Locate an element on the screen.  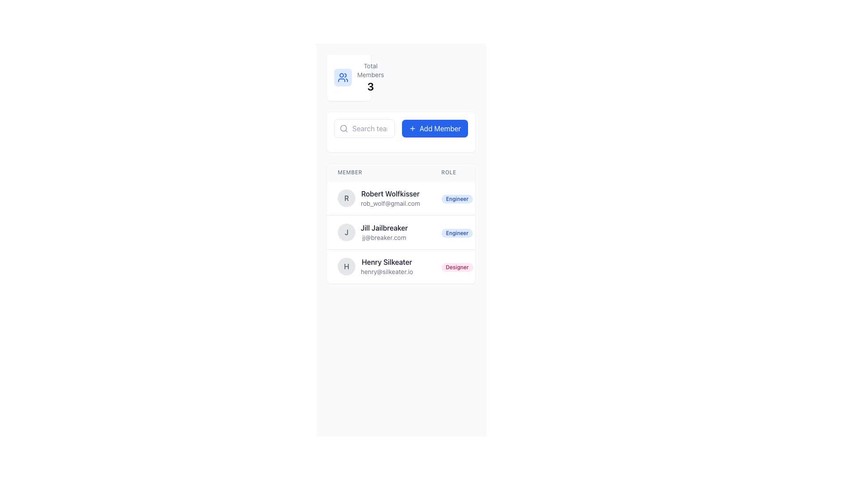
the static text element styled as an initial avatar represented by the letter 'J' for the member labeled 'Jill Jailbreaker', located within the second row of the member list is located at coordinates (346, 232).